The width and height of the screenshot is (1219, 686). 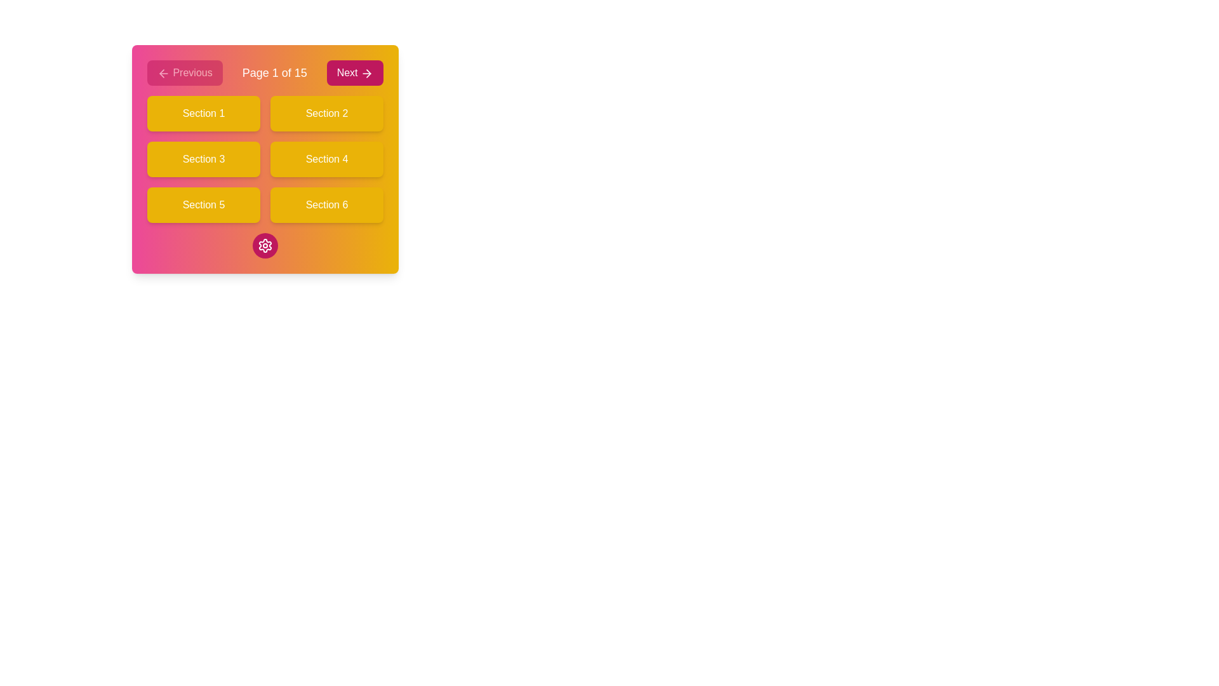 What do you see at coordinates (204, 112) in the screenshot?
I see `the rectangular button with a yellow background and white text reading 'Section 1'` at bounding box center [204, 112].